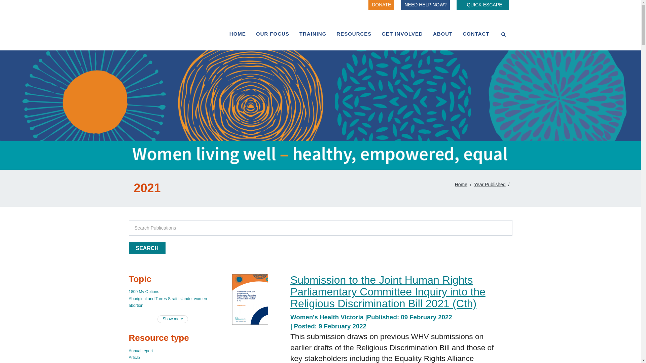 This screenshot has width=646, height=363. What do you see at coordinates (428, 34) in the screenshot?
I see `'ABOUT'` at bounding box center [428, 34].